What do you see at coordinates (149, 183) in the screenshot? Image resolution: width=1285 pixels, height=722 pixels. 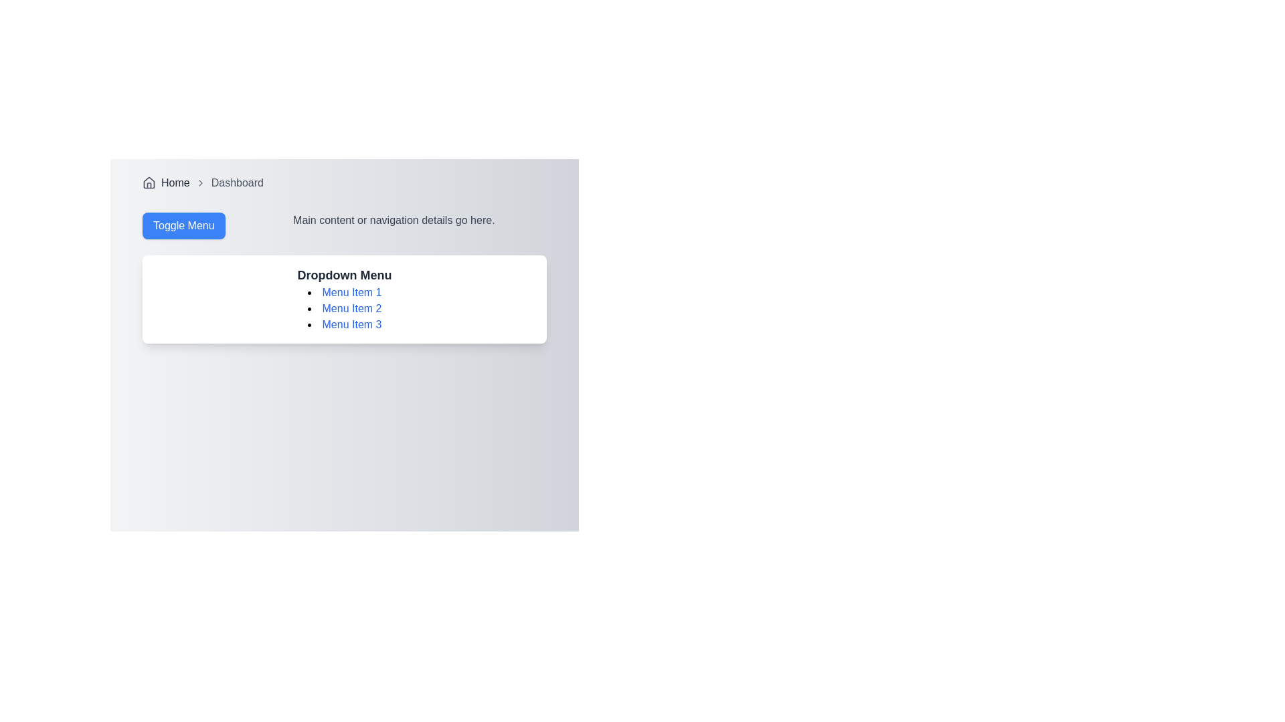 I see `the house icon within the SVG graphic that precedes the 'Home' breadcrumb navigation link to interact with it` at bounding box center [149, 183].